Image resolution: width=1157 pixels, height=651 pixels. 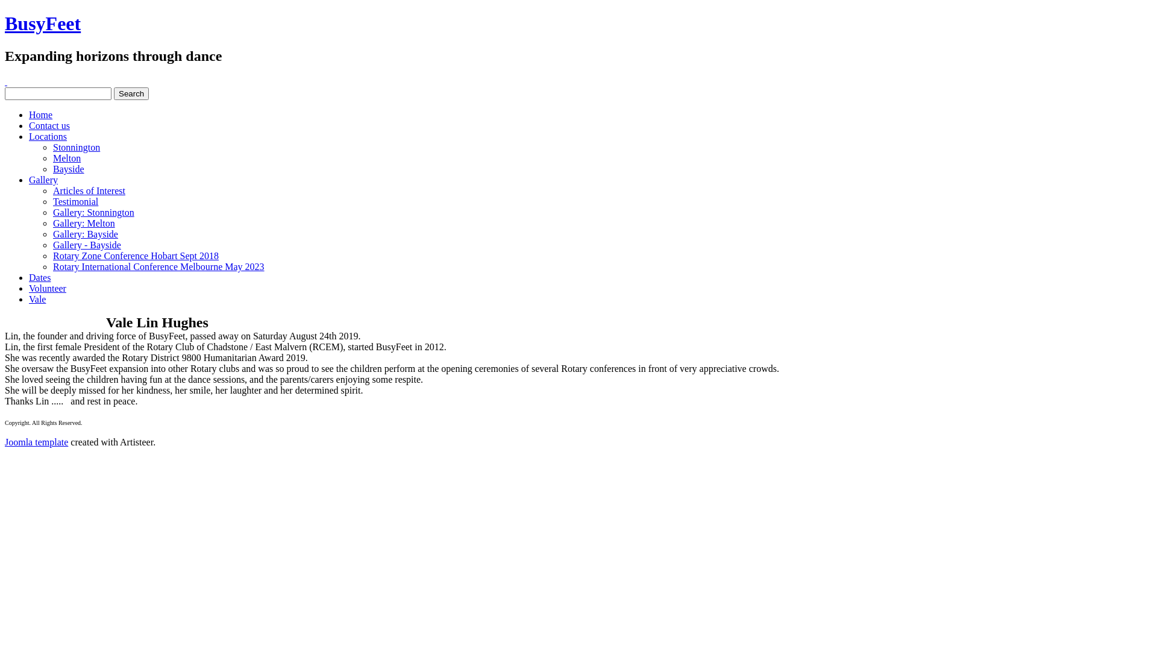 I want to click on 'Facebook', so click(x=5, y=81).